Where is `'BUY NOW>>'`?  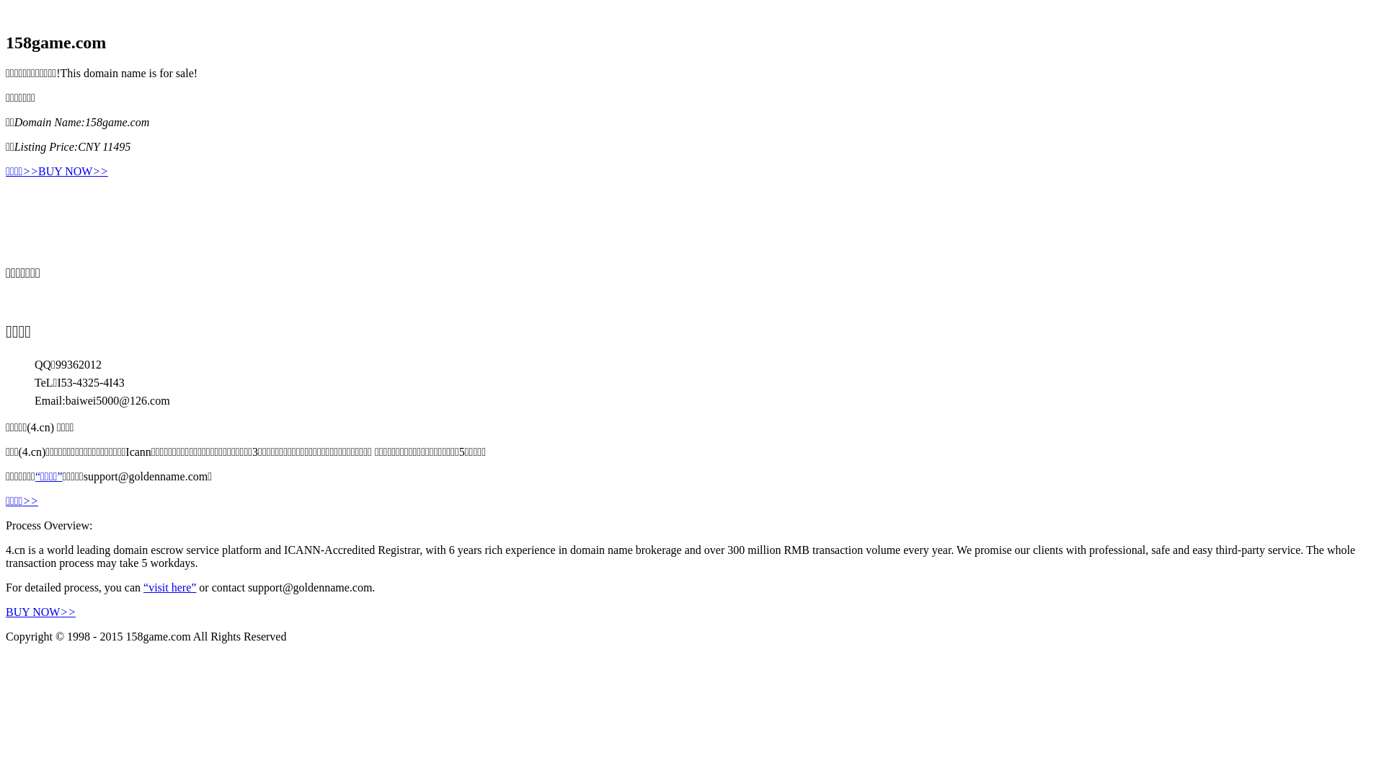 'BUY NOW>>' is located at coordinates (37, 171).